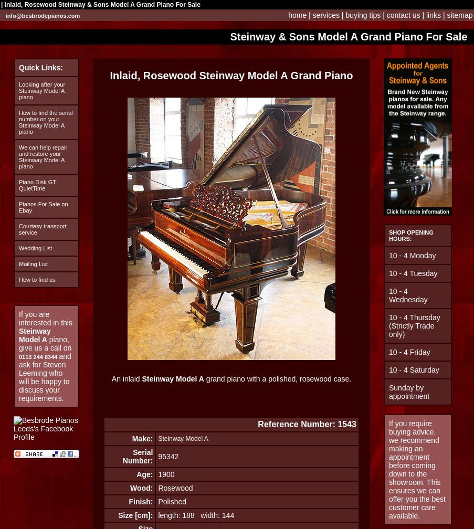 The image size is (474, 529). I want to click on 'grand piano with a  polished, rosewood  case.', so click(203, 379).